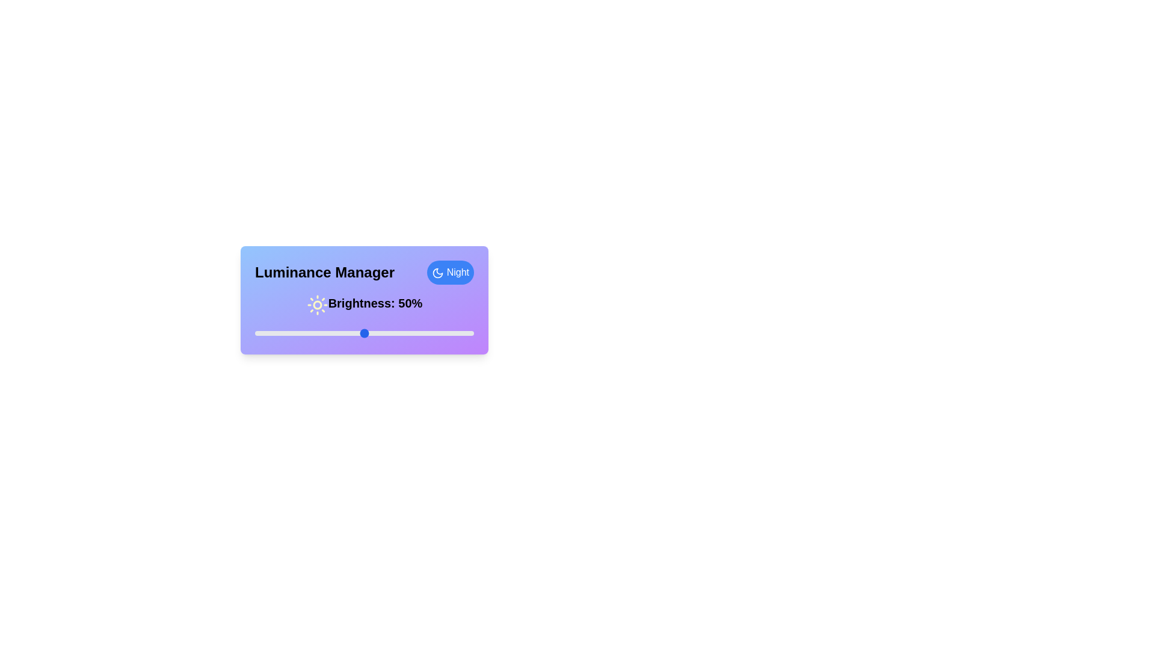  I want to click on the 'Night' button to toggle the night mode, so click(449, 272).